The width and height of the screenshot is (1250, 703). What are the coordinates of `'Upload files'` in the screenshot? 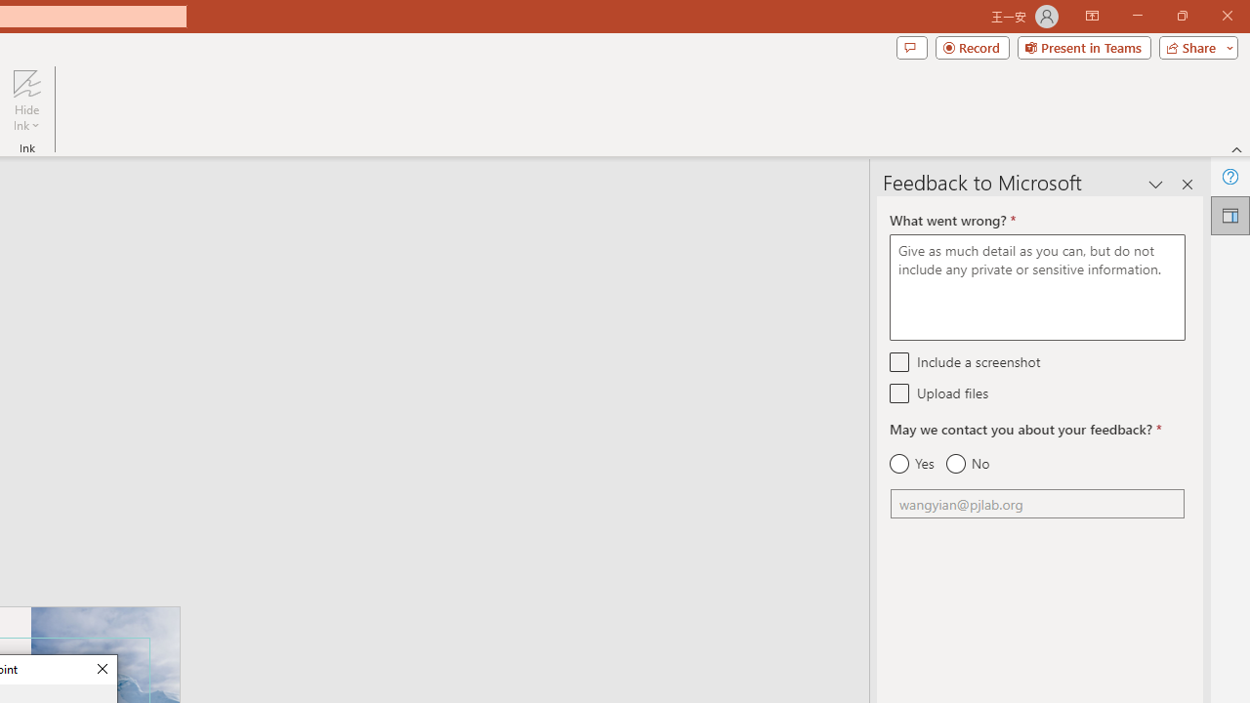 It's located at (898, 393).